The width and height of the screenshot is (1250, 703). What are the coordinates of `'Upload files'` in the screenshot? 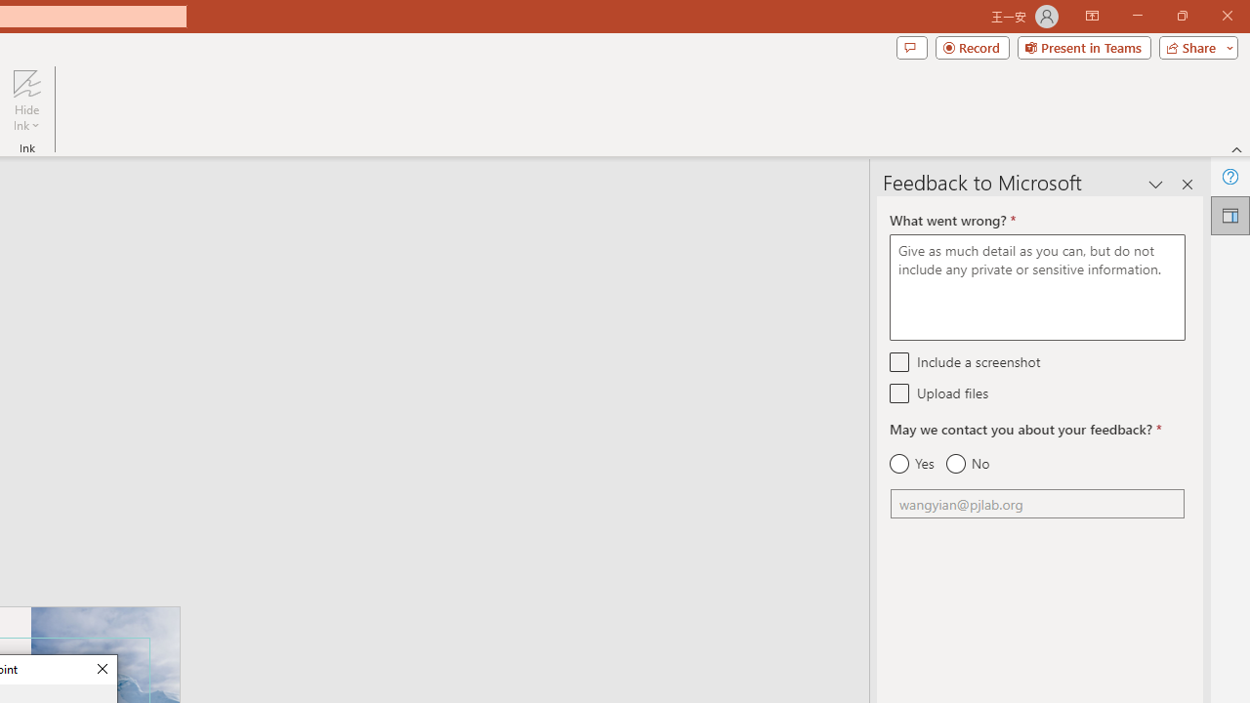 It's located at (898, 393).